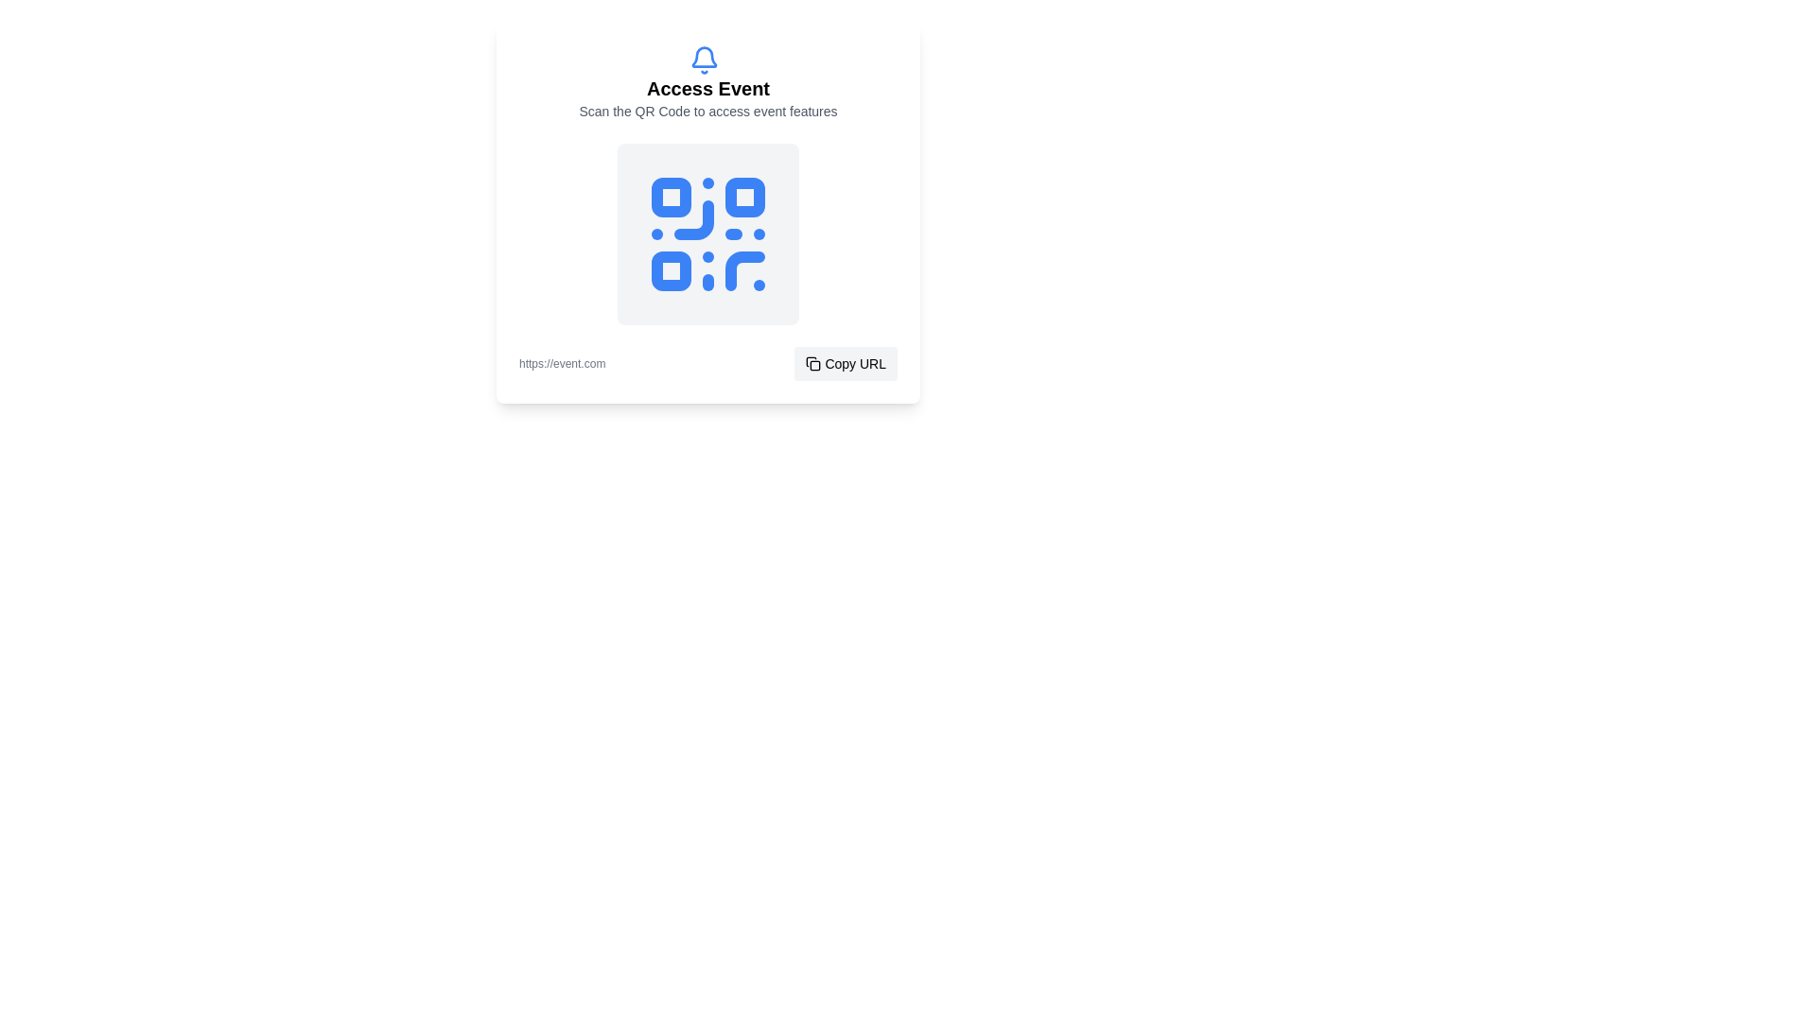 The image size is (1816, 1021). Describe the element at coordinates (813, 364) in the screenshot. I see `the small icon representing two overlapping squares, which is the leftmost component of the 'Copy URL' button located at the bottom-right corner of the main card interface` at that location.